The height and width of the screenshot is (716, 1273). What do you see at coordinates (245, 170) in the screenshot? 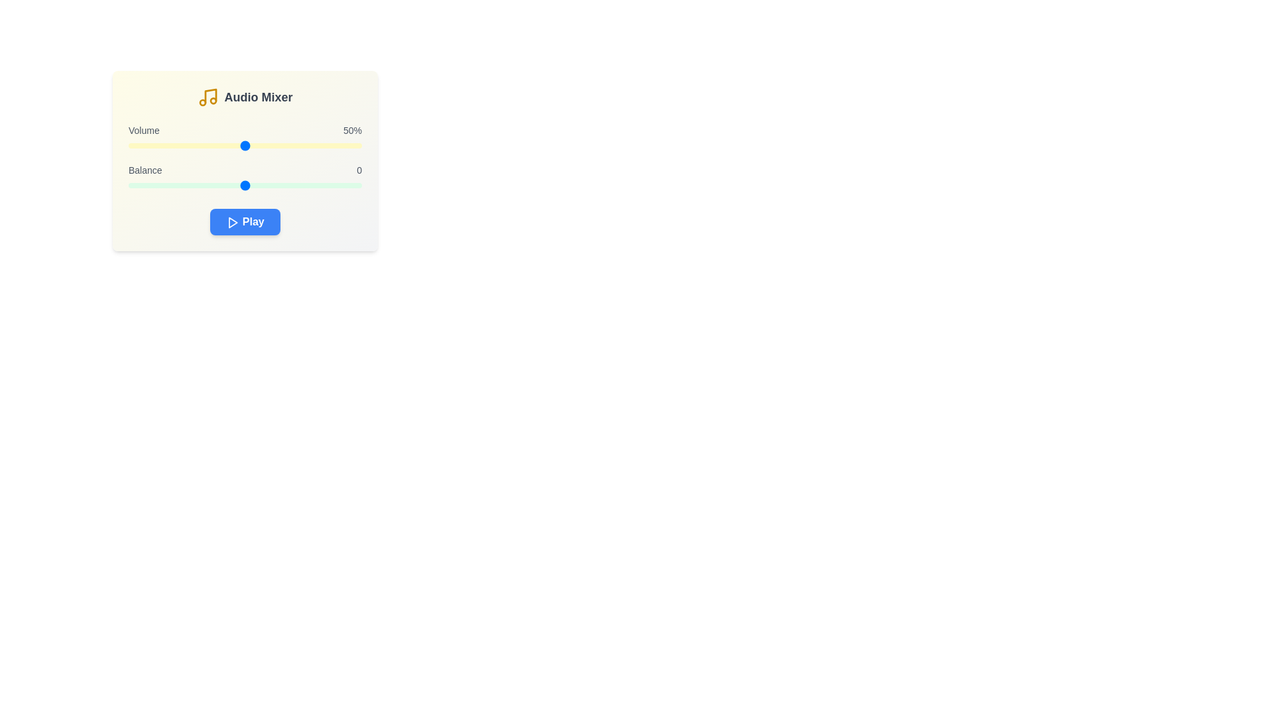
I see `the 'Balance' label with the numeric value '0', which is styled in medium-weight gray font and positioned near the middle of the interface, aligned with a 'Volume' slider above and another slider below` at bounding box center [245, 170].